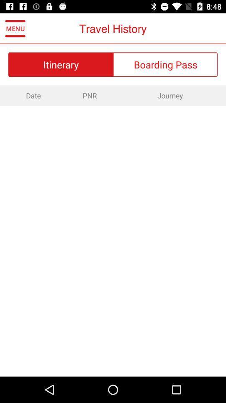 The image size is (226, 403). Describe the element at coordinates (169, 95) in the screenshot. I see `item next to pnr` at that location.